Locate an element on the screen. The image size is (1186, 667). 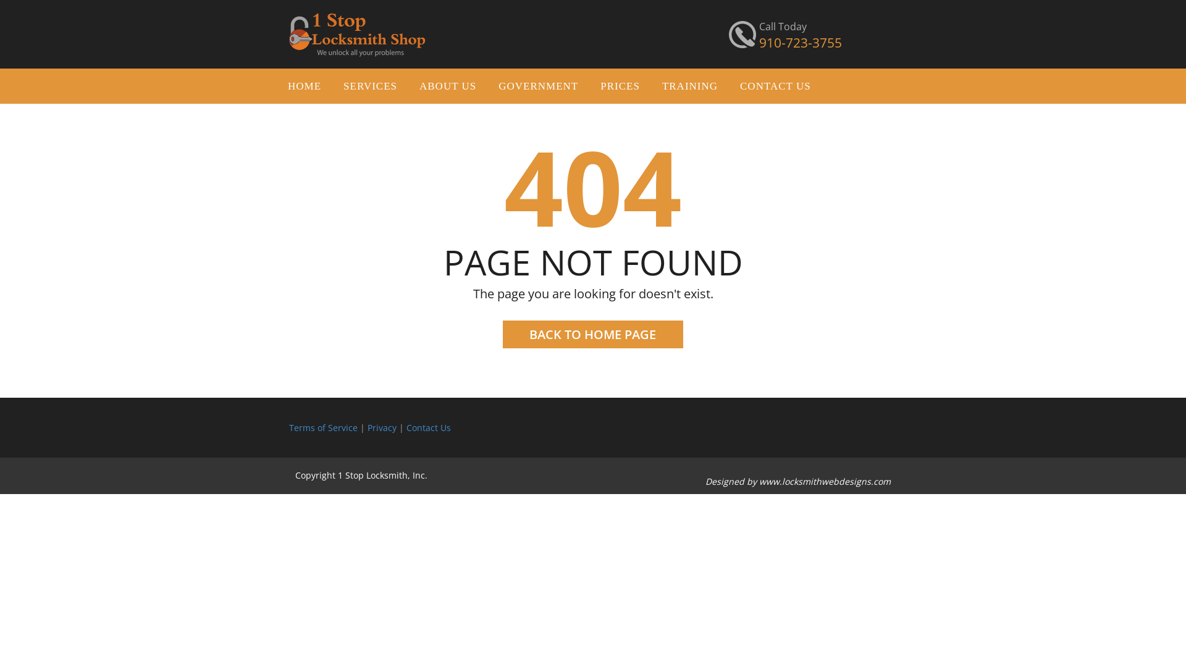
'SERVICES' is located at coordinates (369, 85).